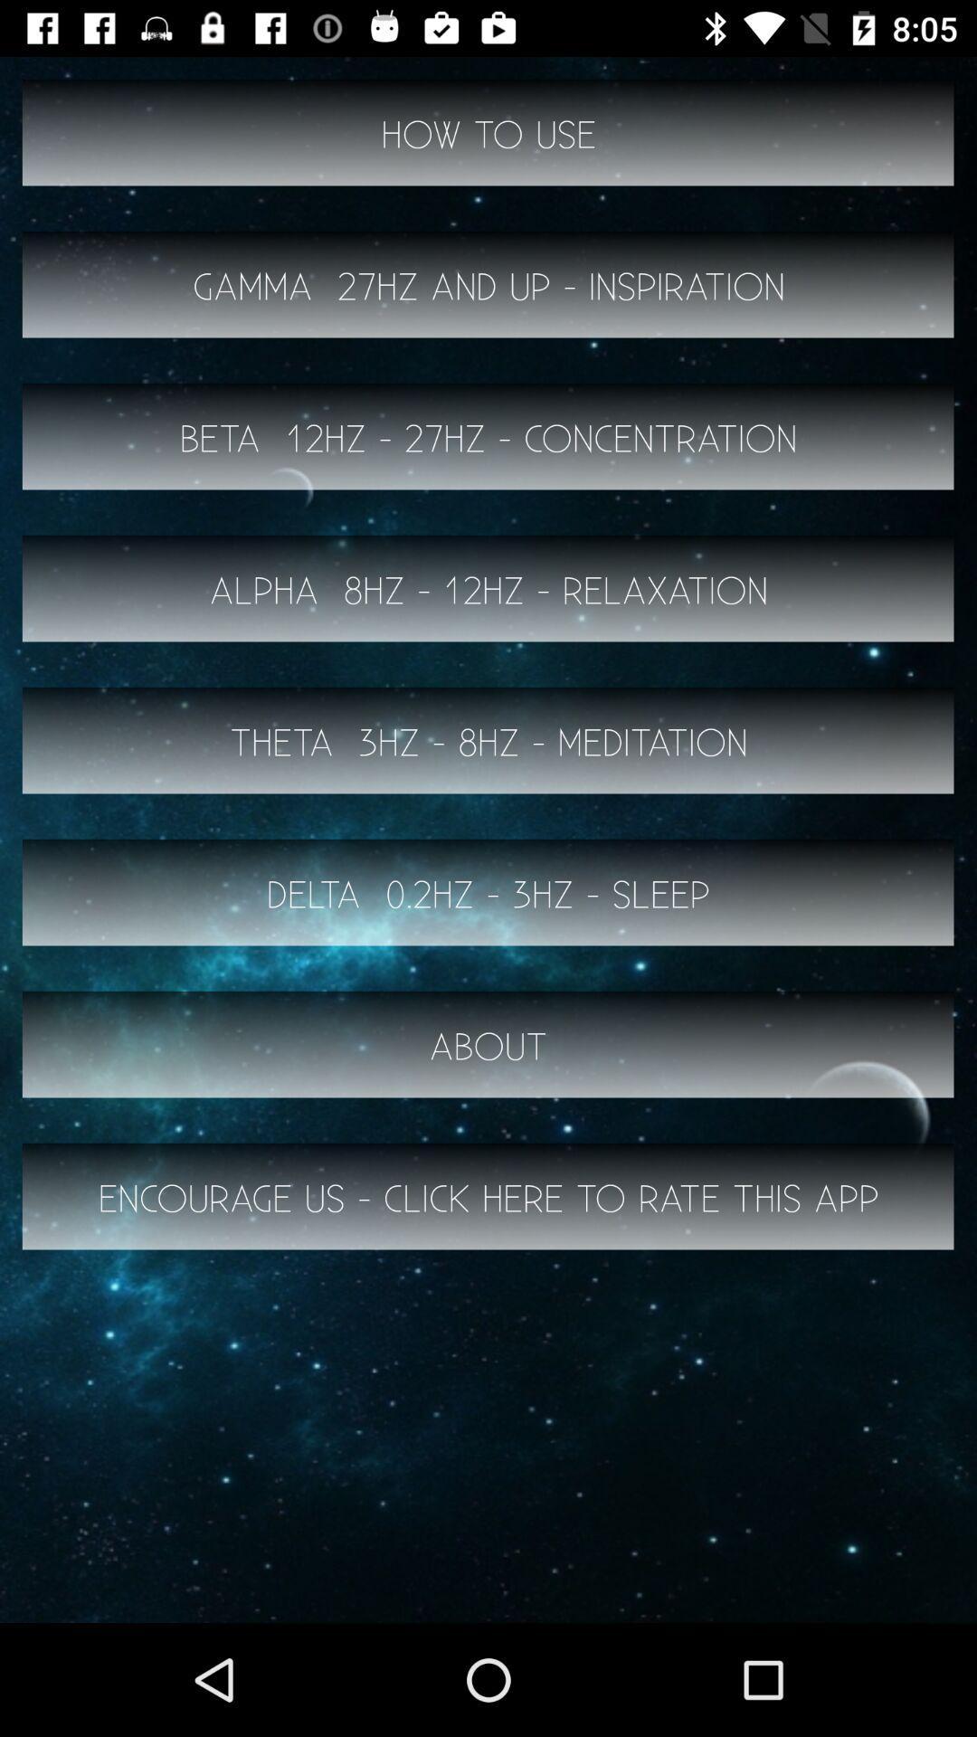 The height and width of the screenshot is (1737, 977). What do you see at coordinates (488, 1197) in the screenshot?
I see `the button below the about` at bounding box center [488, 1197].